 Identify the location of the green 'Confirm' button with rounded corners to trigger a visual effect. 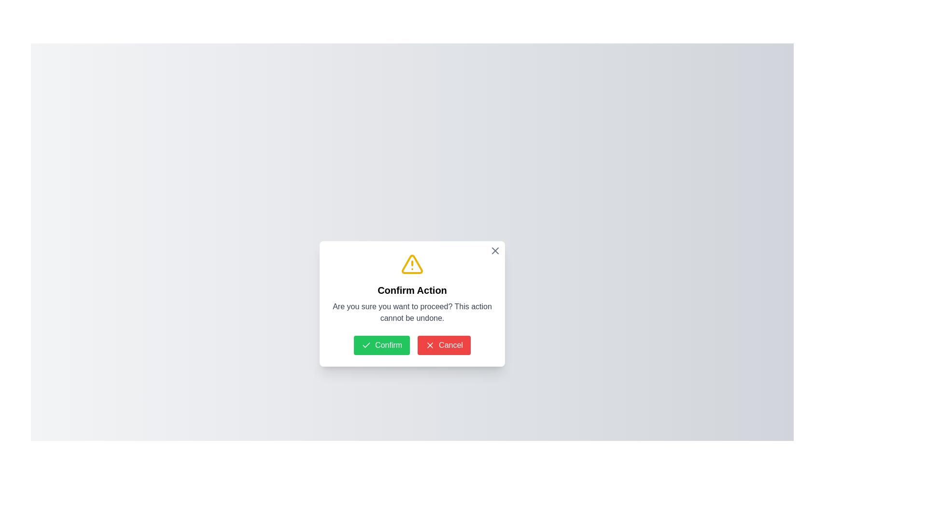
(381, 345).